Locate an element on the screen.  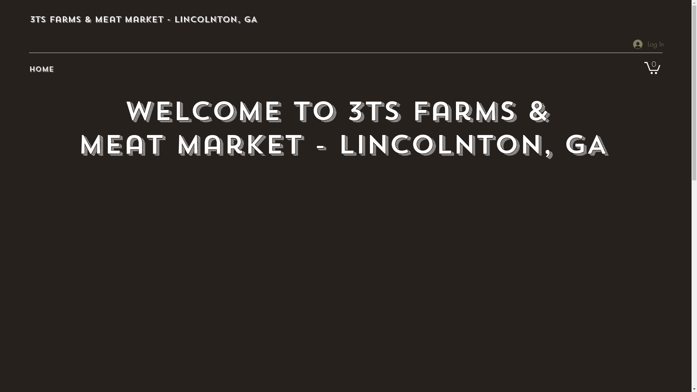
'Log In' is located at coordinates (627, 44).